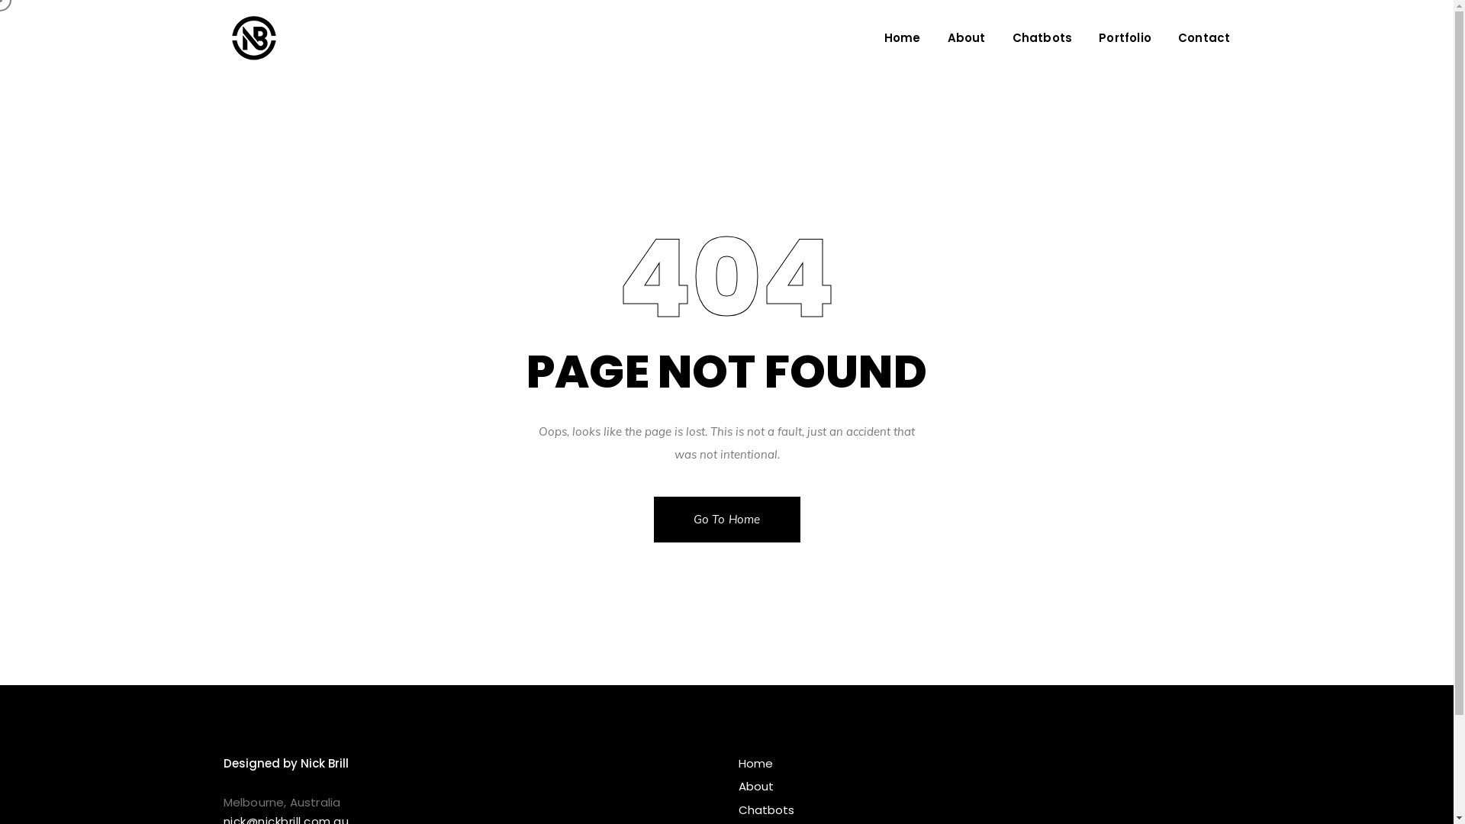 Image resolution: width=1465 pixels, height=824 pixels. I want to click on 'Portfolio', so click(1125, 37).